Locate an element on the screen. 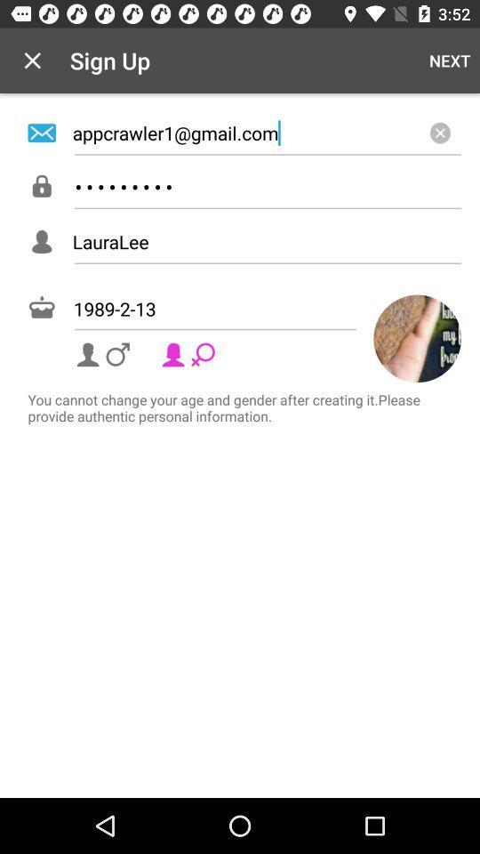  the avatar icon is located at coordinates (417, 337).